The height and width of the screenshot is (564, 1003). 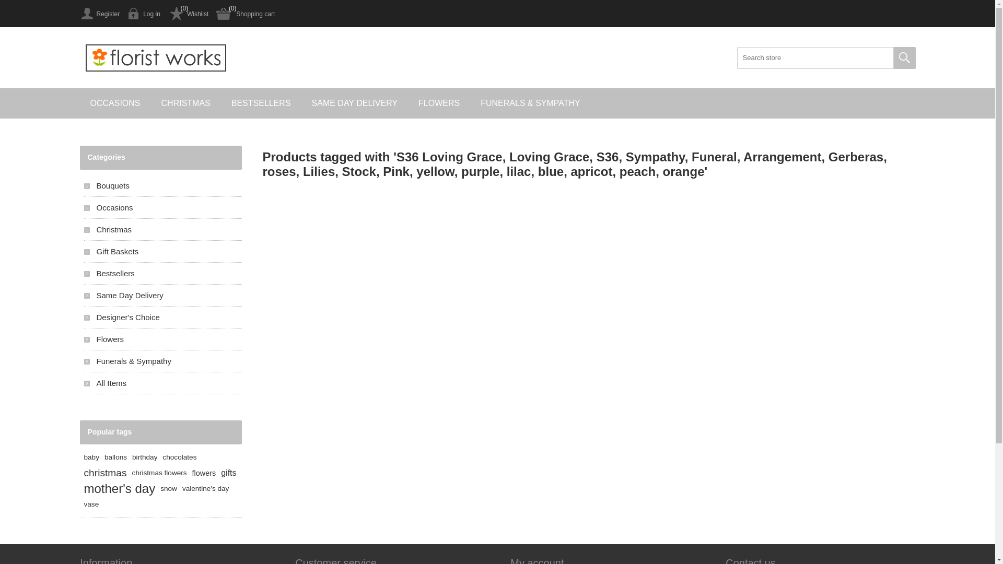 What do you see at coordinates (188, 14) in the screenshot?
I see `'Wishlist'` at bounding box center [188, 14].